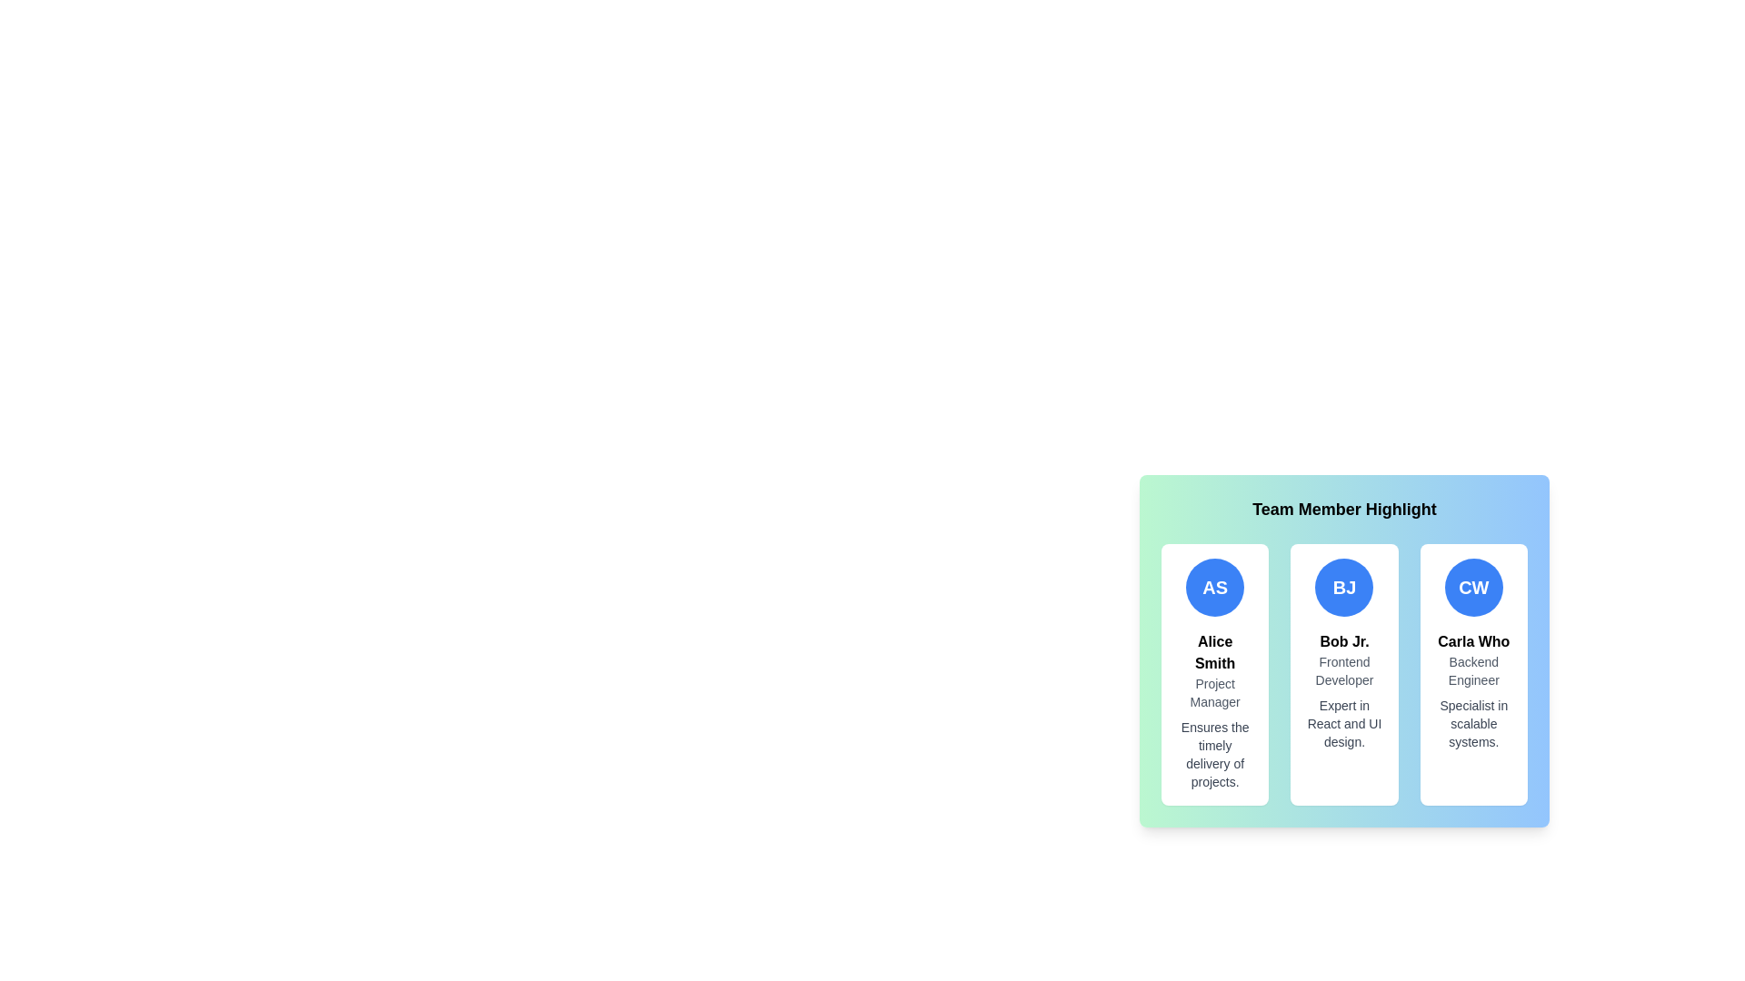 This screenshot has height=981, width=1745. What do you see at coordinates (1344, 723) in the screenshot?
I see `the static text label that describes the skills of 'Bob Jr.' in React and UI design, located beneath the 'Frontend Developer' subtitle in the 'Team Member Highlight' section` at bounding box center [1344, 723].